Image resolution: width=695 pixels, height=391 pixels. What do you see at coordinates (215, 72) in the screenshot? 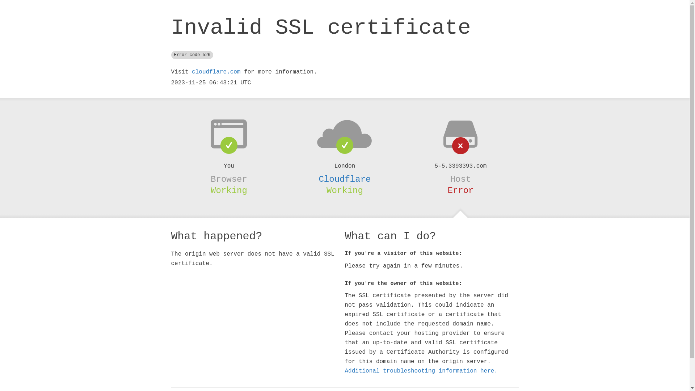
I see `'cloudflare.com'` at bounding box center [215, 72].